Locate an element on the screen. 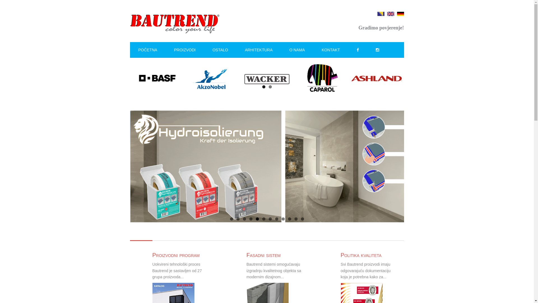 Image resolution: width=538 pixels, height=303 pixels. 'Proizvodni program' is located at coordinates (152, 255).